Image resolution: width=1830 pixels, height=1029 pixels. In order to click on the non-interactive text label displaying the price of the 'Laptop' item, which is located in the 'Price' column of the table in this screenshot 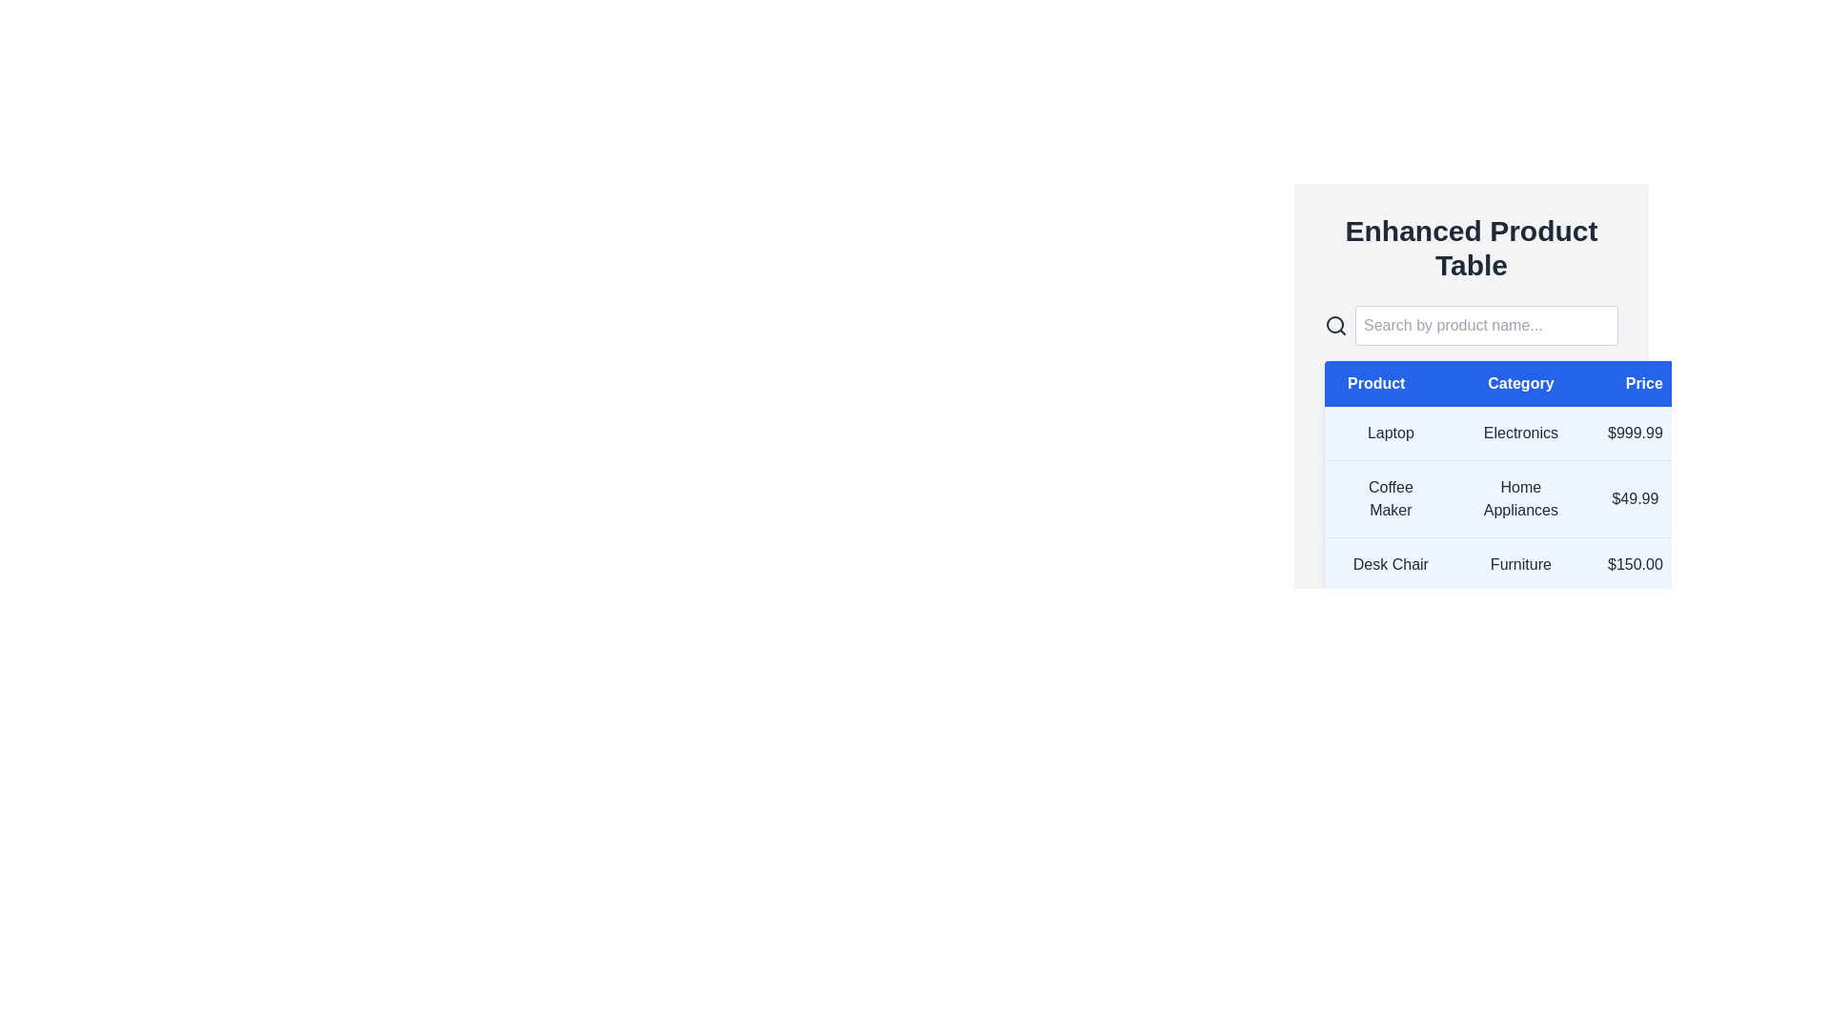, I will do `click(1634, 434)`.